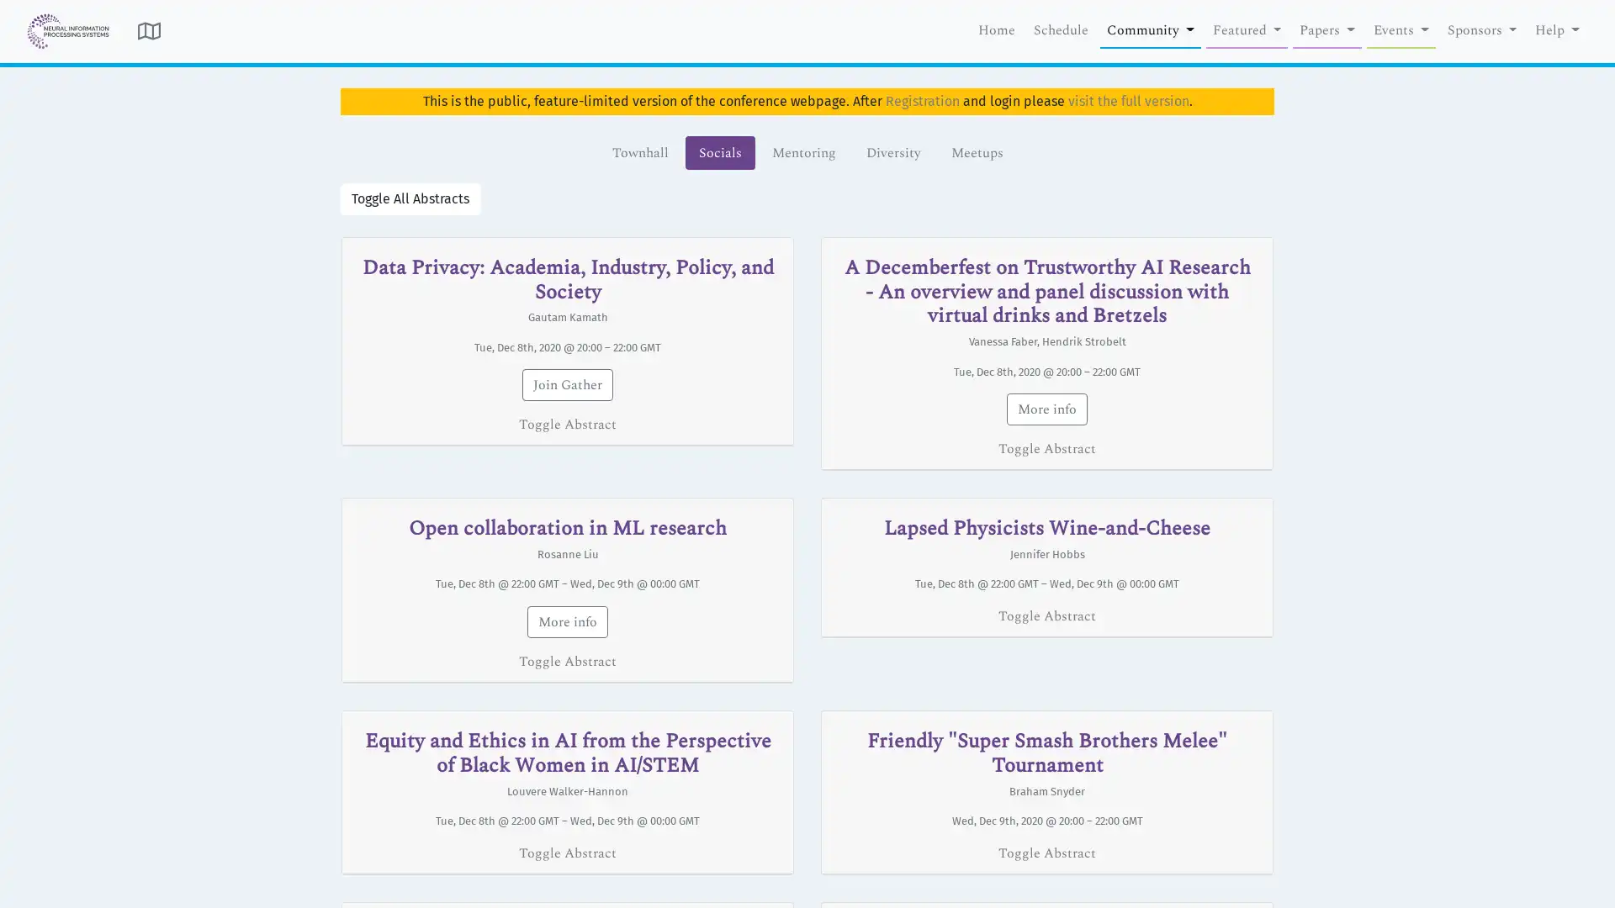  I want to click on Toggle Abstract, so click(1046, 853).